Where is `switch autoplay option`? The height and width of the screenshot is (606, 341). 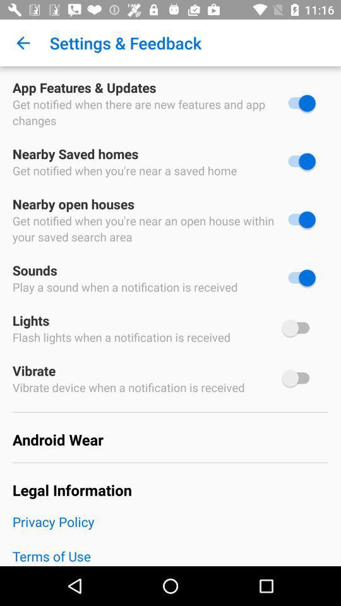 switch autoplay option is located at coordinates (298, 327).